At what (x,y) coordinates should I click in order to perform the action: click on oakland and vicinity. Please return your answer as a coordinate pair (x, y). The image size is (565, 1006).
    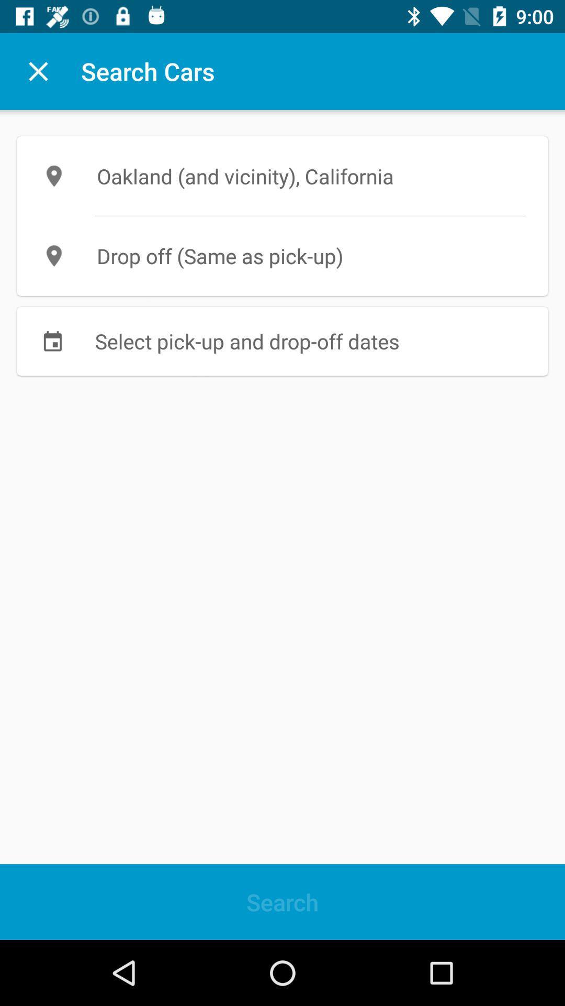
    Looking at the image, I should click on (282, 176).